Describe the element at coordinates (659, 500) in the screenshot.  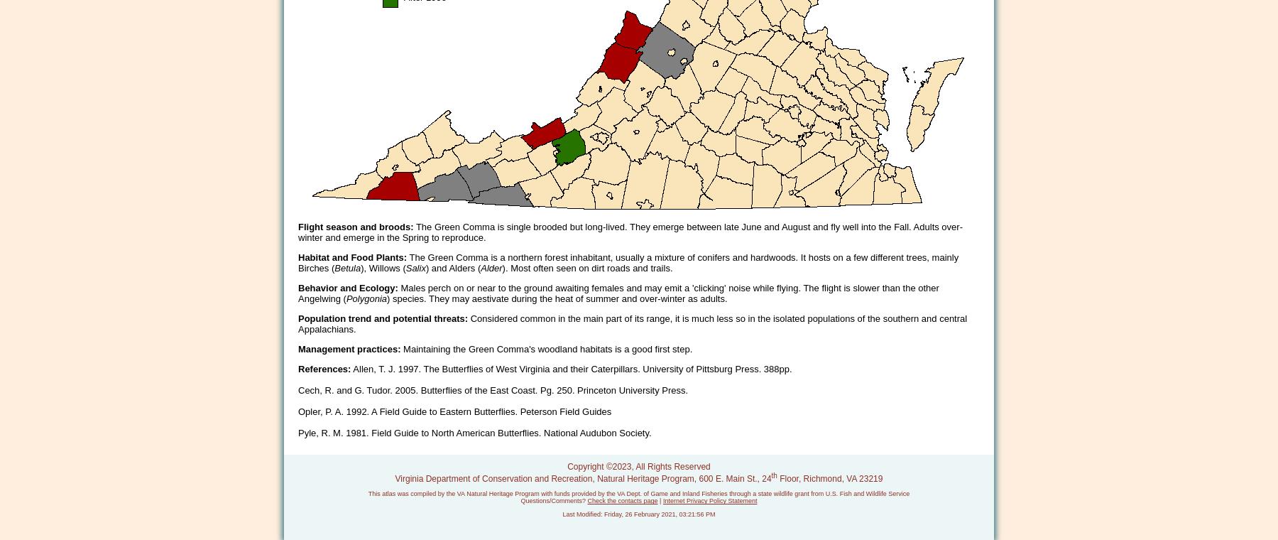
I see `'|'` at that location.